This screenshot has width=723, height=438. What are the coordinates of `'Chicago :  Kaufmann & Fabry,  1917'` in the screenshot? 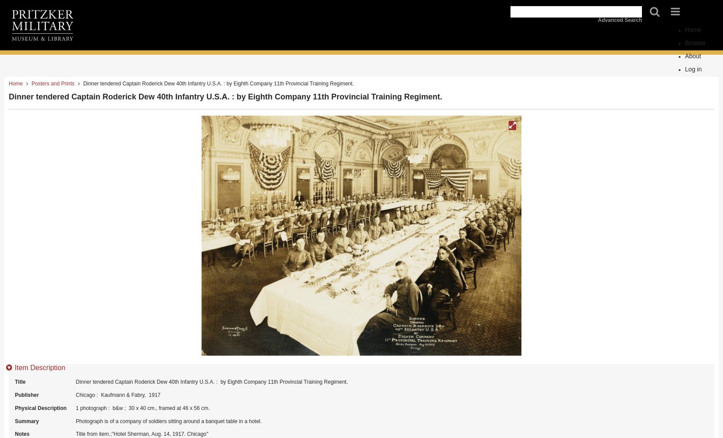 It's located at (75, 395).